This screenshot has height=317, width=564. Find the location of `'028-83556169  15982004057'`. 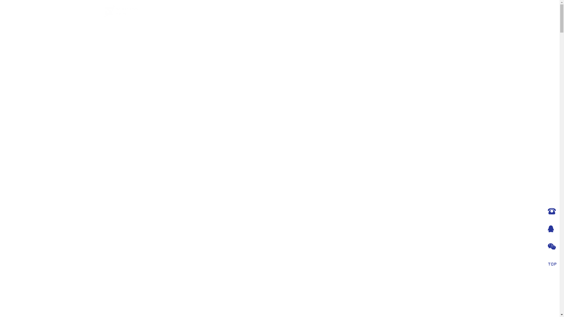

'028-83556169  15982004057' is located at coordinates (550, 211).